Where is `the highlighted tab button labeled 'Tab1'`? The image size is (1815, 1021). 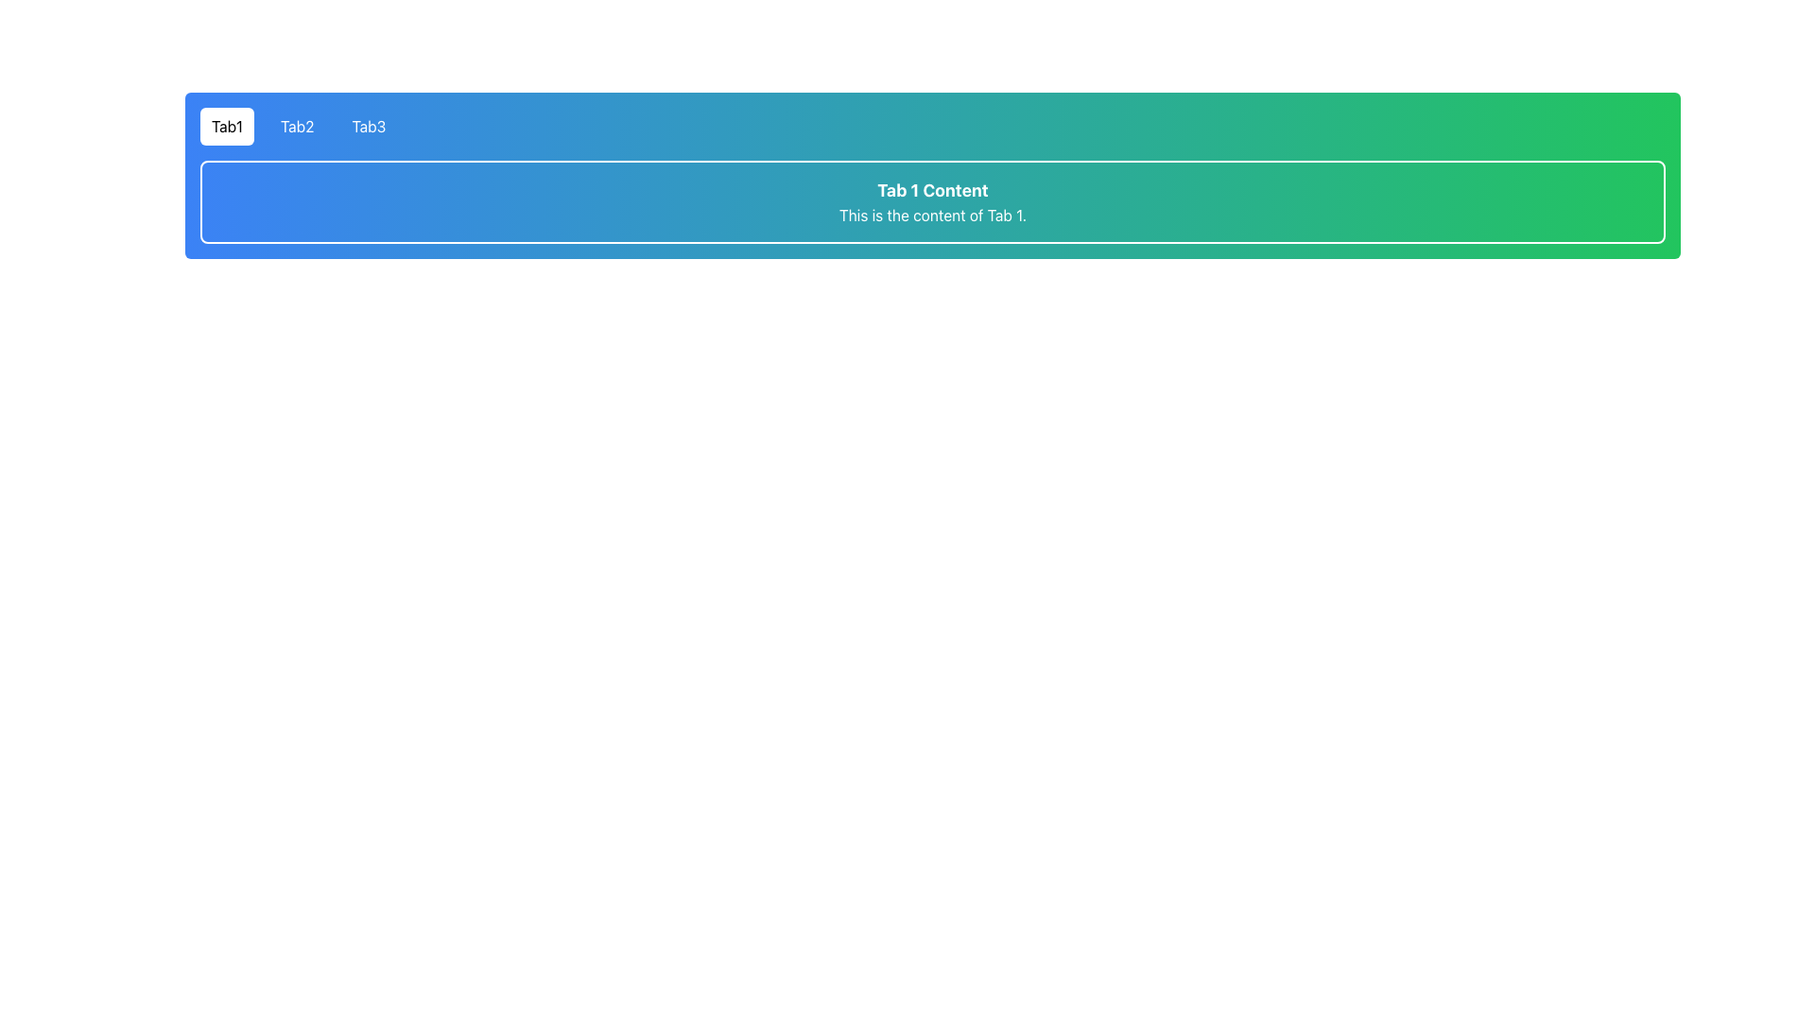 the highlighted tab button labeled 'Tab1' is located at coordinates (227, 127).